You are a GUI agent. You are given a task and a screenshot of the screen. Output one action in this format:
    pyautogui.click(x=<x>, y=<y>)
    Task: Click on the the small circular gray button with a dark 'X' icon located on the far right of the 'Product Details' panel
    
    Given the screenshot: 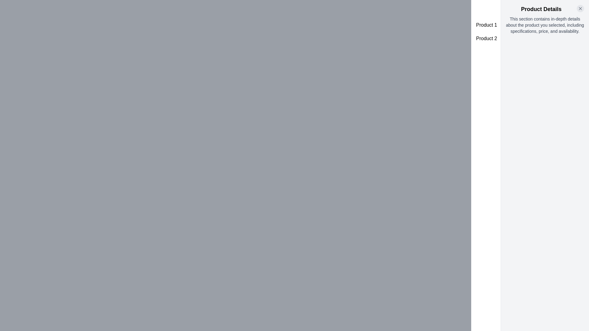 What is the action you would take?
    pyautogui.click(x=580, y=8)
    